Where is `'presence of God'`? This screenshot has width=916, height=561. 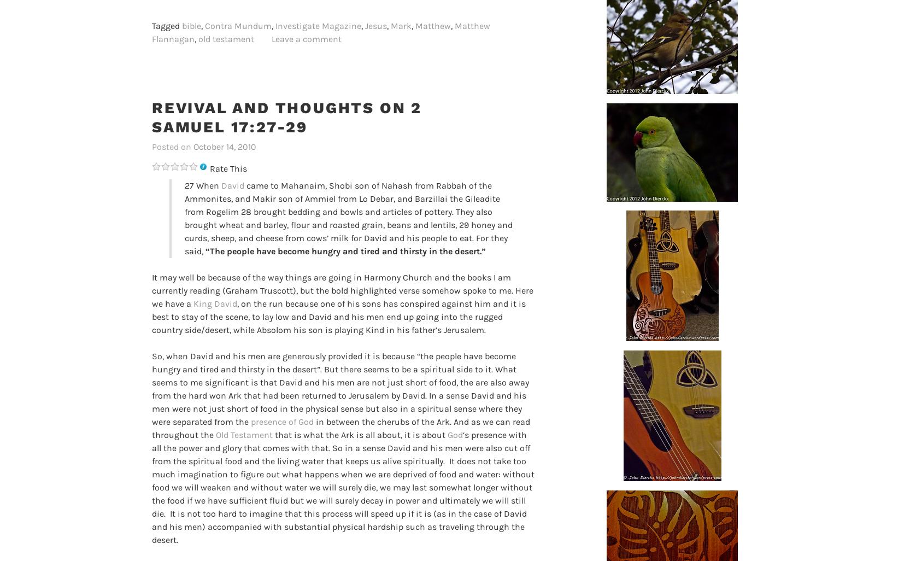 'presence of God' is located at coordinates (282, 421).